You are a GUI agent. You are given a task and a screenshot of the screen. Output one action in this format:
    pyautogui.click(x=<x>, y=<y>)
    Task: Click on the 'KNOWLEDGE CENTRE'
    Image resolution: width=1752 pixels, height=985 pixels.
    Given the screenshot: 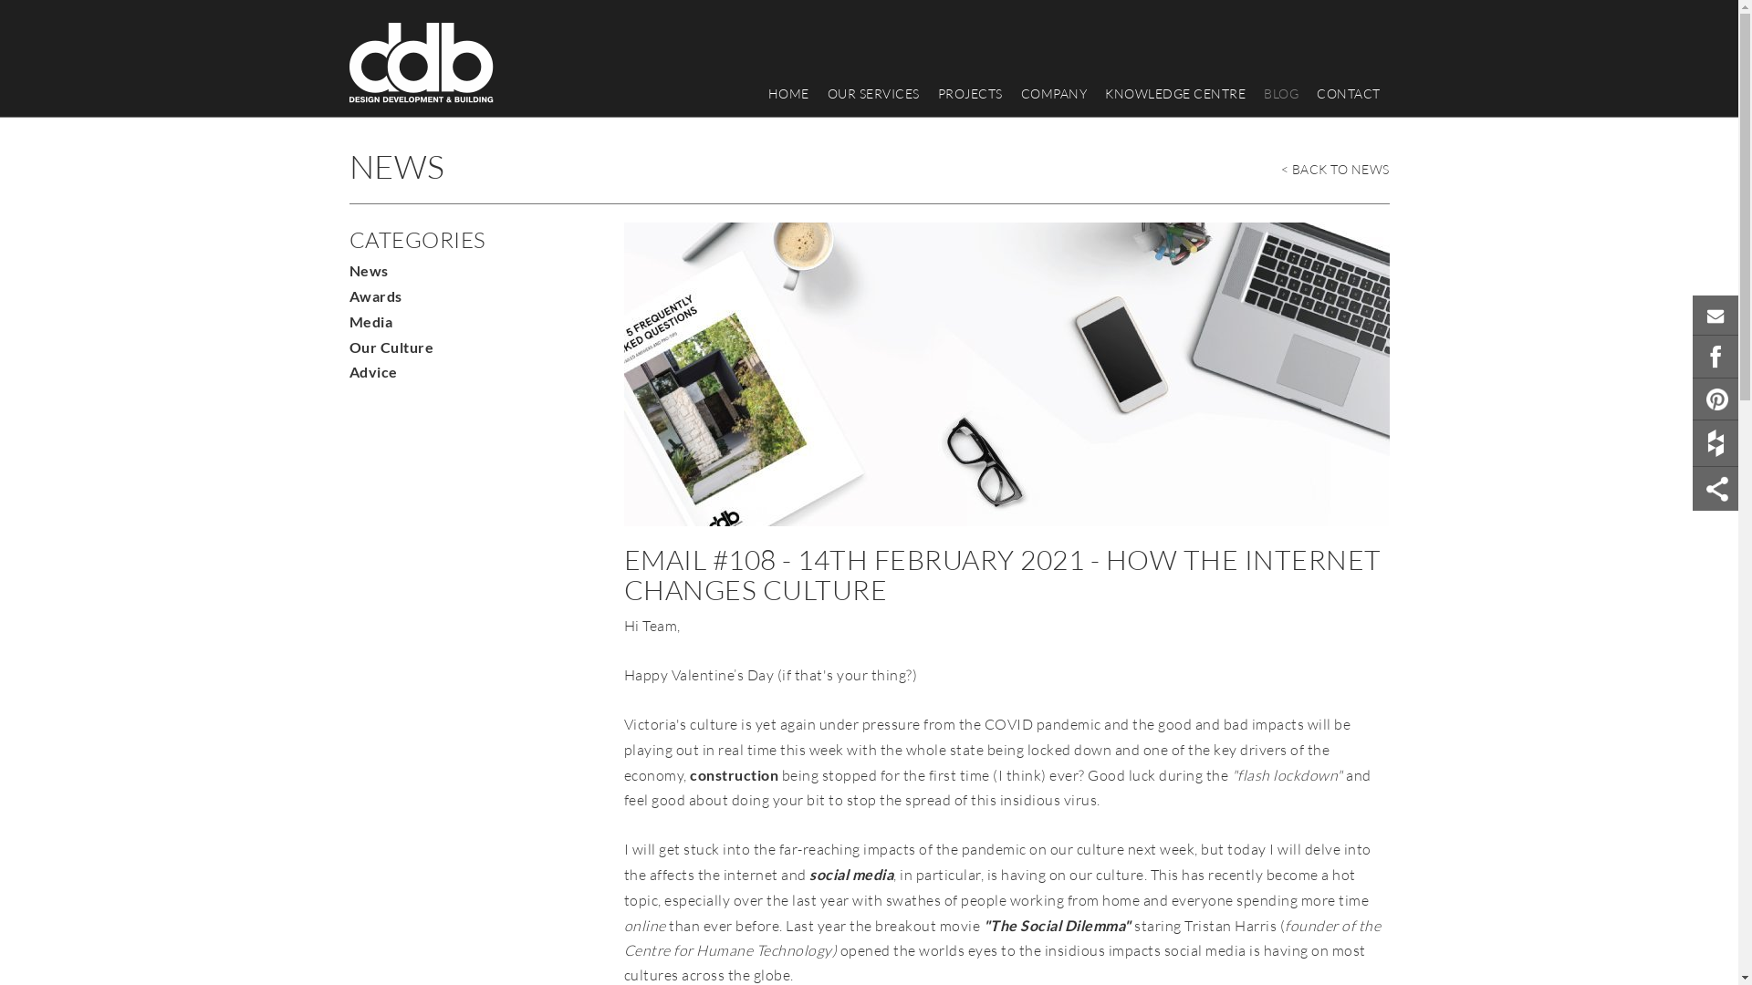 What is the action you would take?
    pyautogui.click(x=1095, y=94)
    